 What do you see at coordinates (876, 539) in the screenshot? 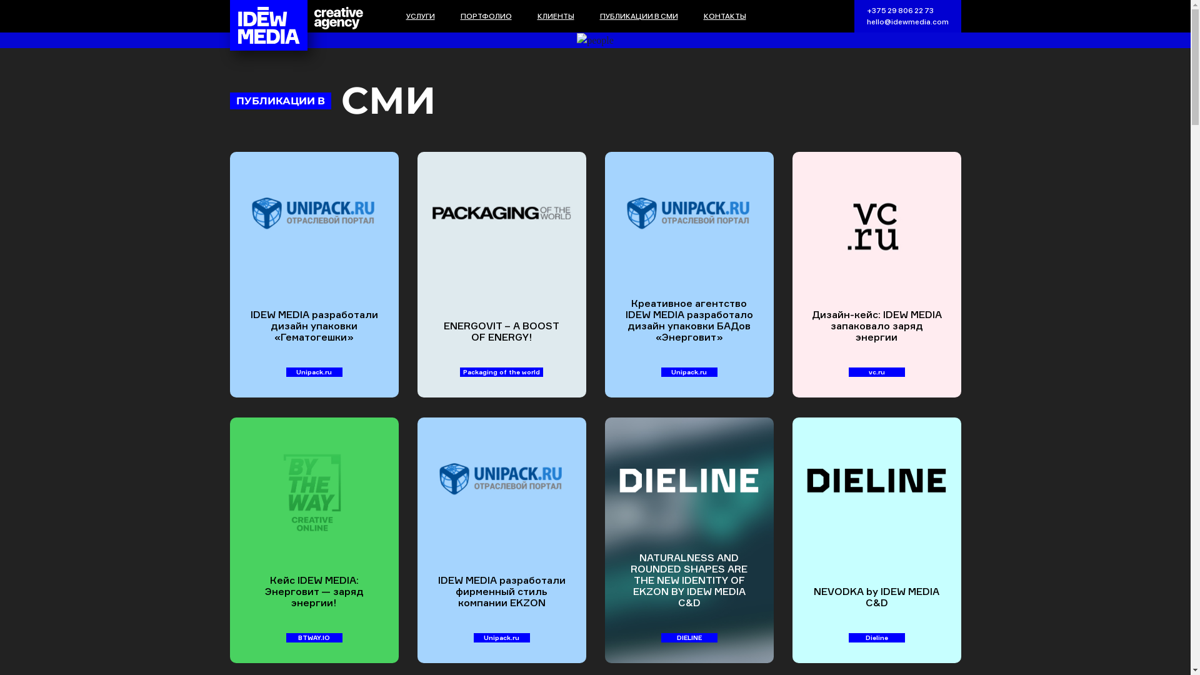
I see `'NEVODKA by IDEW MEDIA C&D` at bounding box center [876, 539].